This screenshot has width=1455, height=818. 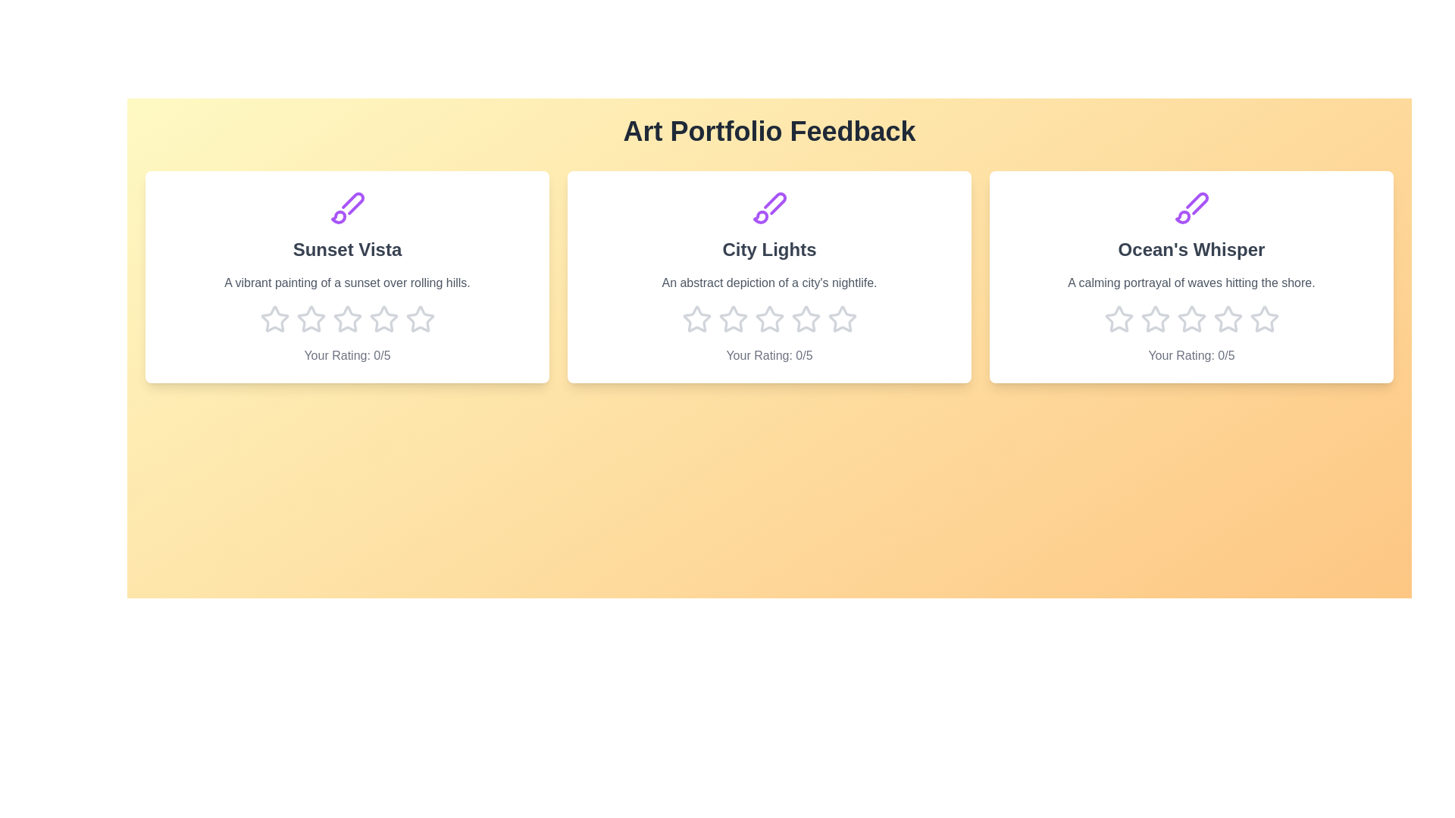 What do you see at coordinates (274, 318) in the screenshot?
I see `the star corresponding to 1 stars for the artwork titled 'Sunset Vista'` at bounding box center [274, 318].